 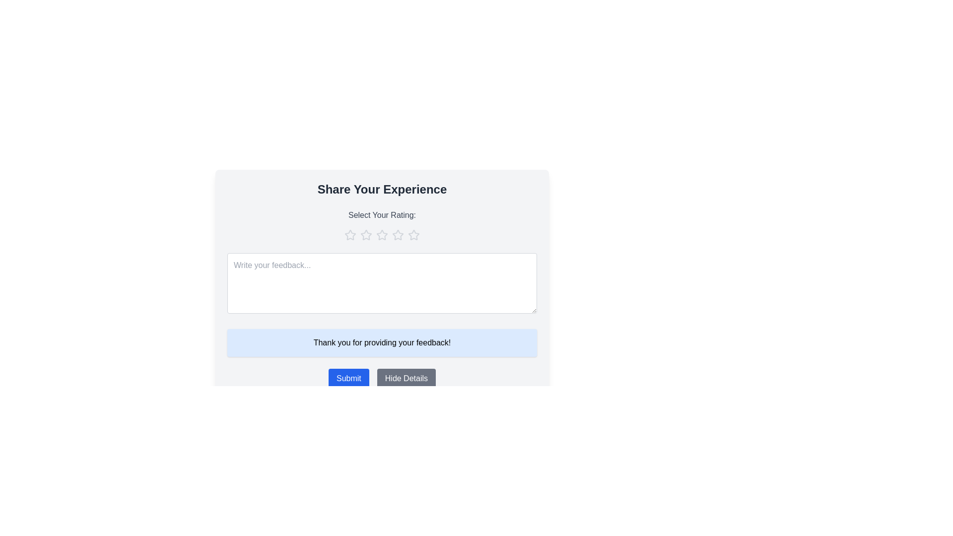 I want to click on the second star button in the rating system, so click(x=381, y=235).